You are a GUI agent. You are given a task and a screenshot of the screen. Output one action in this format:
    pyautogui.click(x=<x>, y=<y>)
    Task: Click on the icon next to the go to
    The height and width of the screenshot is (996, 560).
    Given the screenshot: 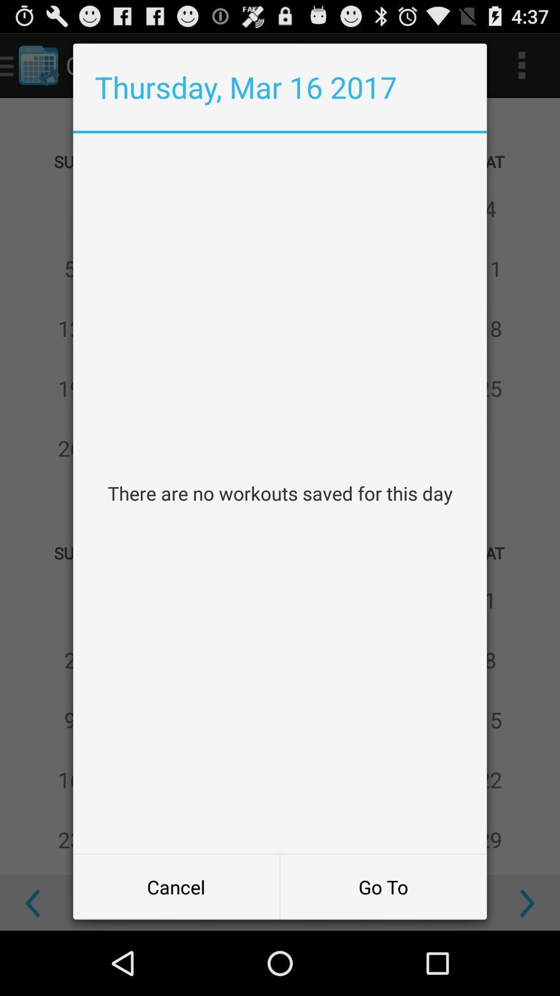 What is the action you would take?
    pyautogui.click(x=176, y=886)
    